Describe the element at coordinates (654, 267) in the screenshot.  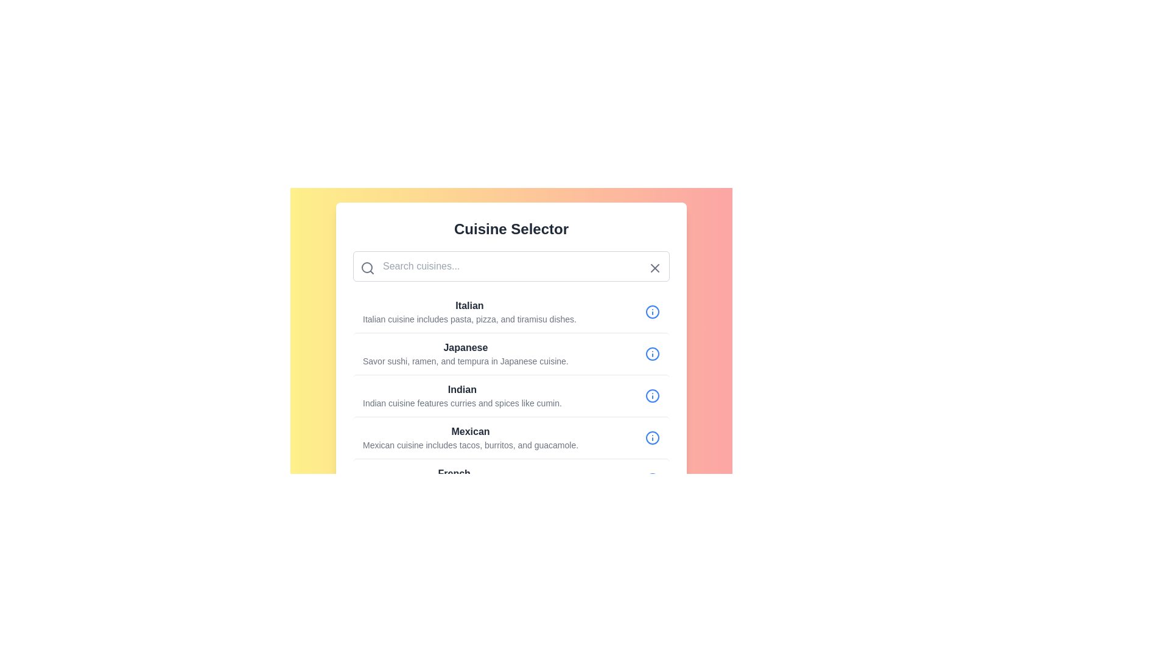
I see `the SVG icon representing a 'clear' action located at the far right of the search input field in the 'Cuisine Selector' interface to clear the search input` at that location.